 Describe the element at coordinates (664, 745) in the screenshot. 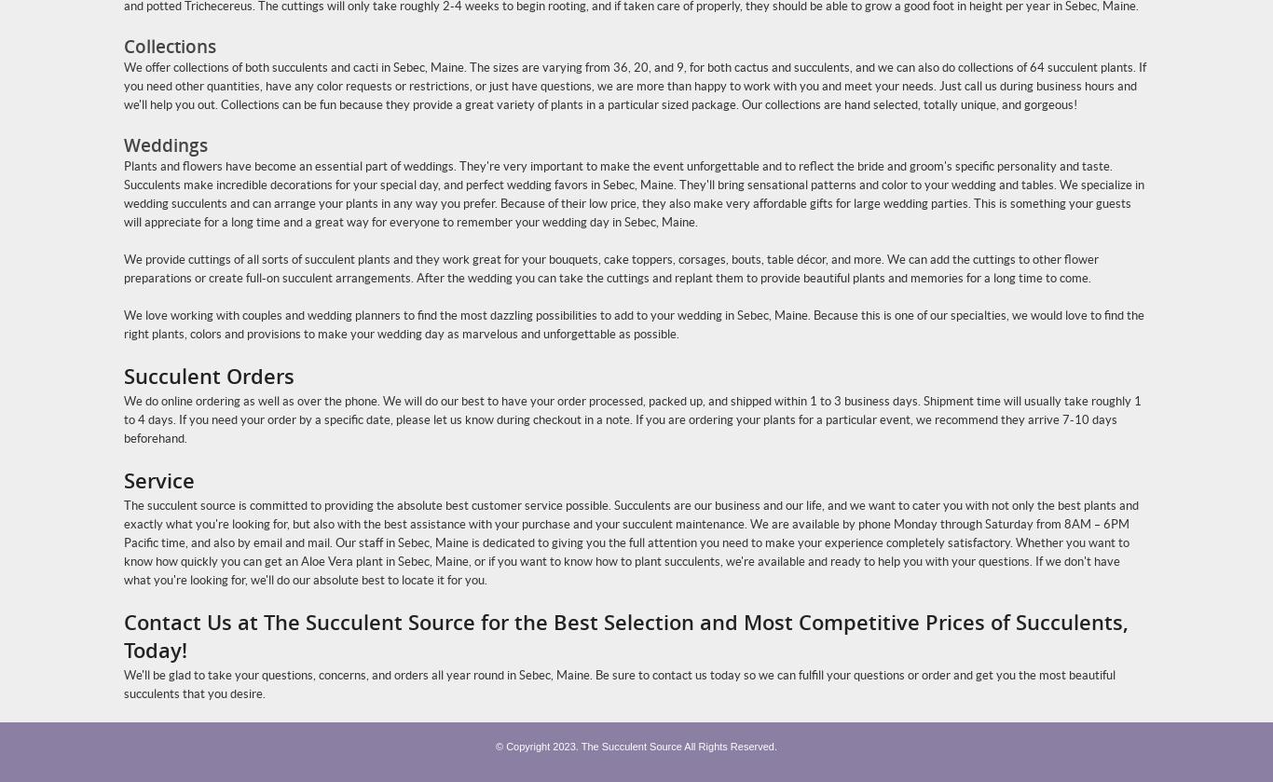

I see `'2023. The Succulent Source All Rights Reserved.'` at that location.